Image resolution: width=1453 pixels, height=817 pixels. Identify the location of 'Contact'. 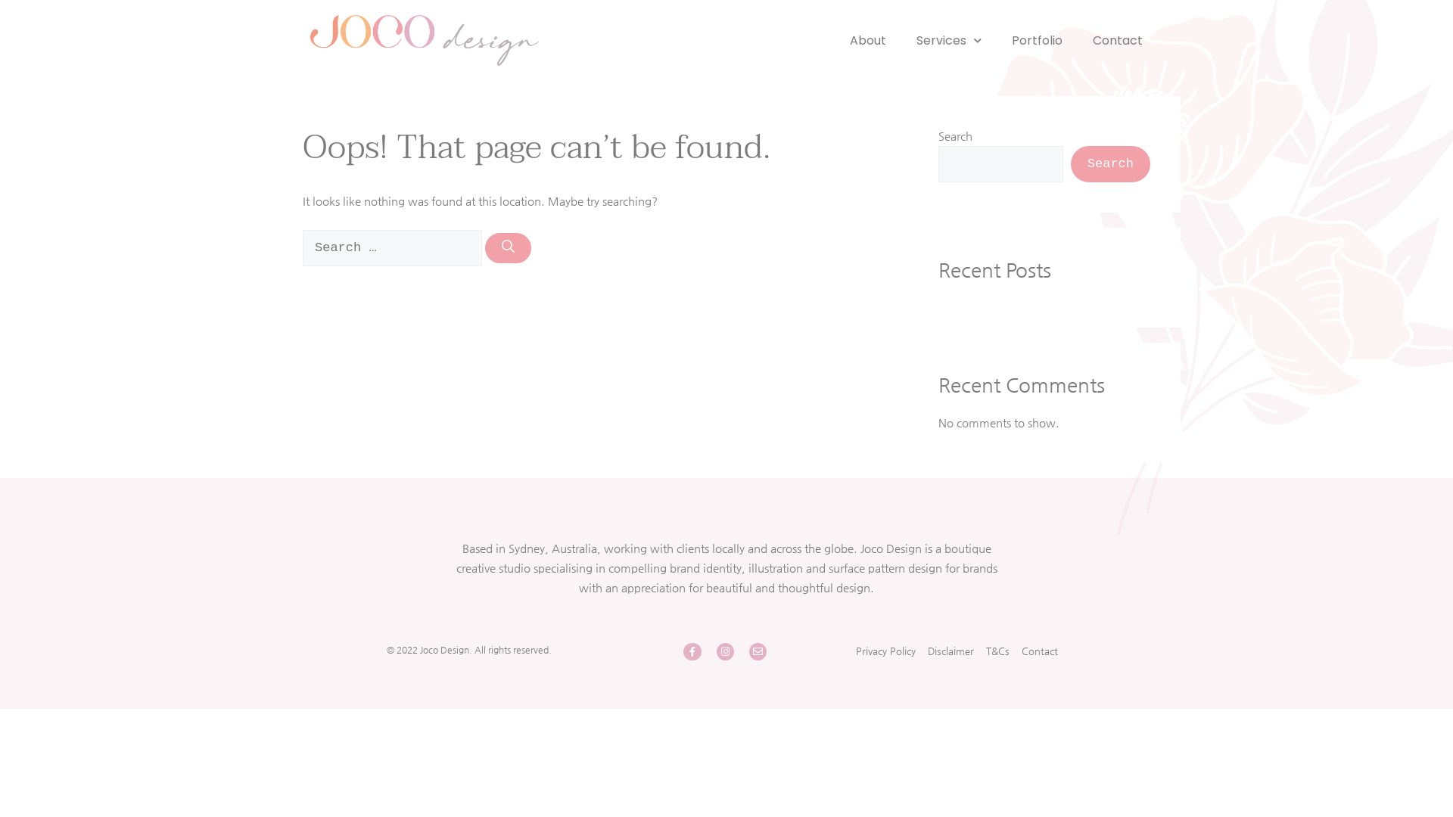
(1038, 650).